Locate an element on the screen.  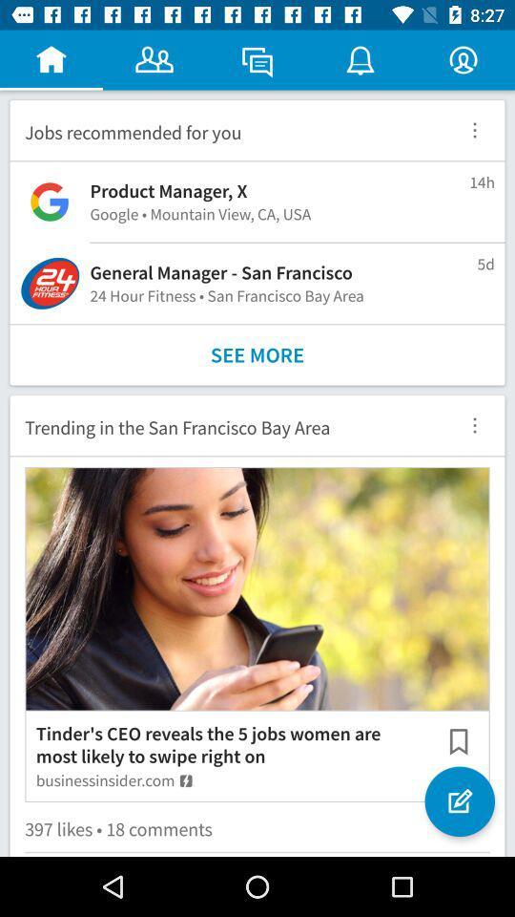
see more icon is located at coordinates (257, 354).